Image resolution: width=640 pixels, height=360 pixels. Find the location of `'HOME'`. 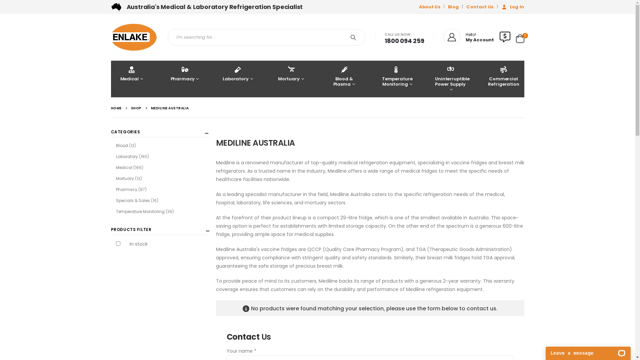

'HOME' is located at coordinates (116, 108).